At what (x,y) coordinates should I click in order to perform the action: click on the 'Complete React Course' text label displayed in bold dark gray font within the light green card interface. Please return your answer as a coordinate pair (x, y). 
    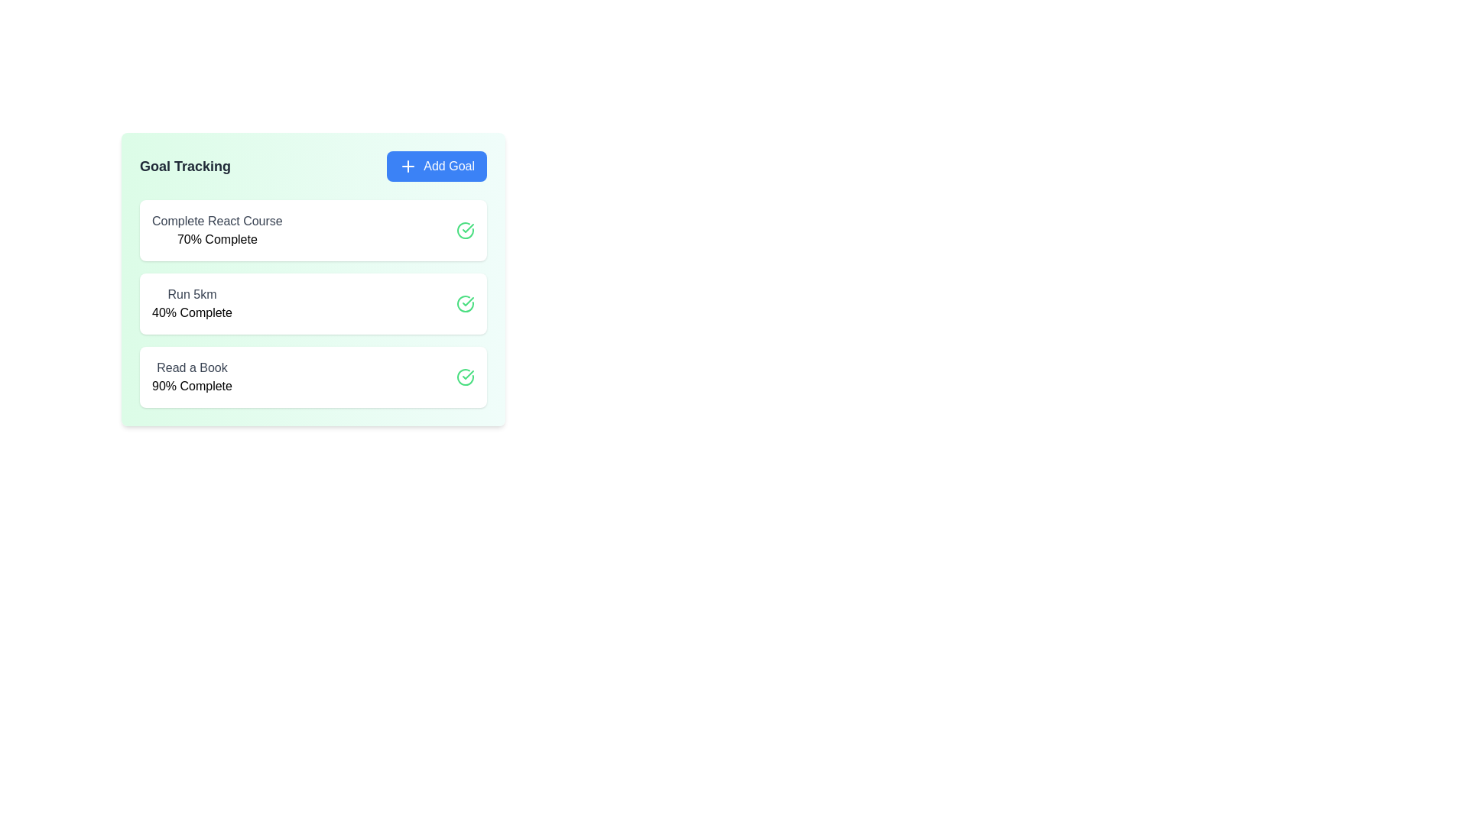
    Looking at the image, I should click on (216, 221).